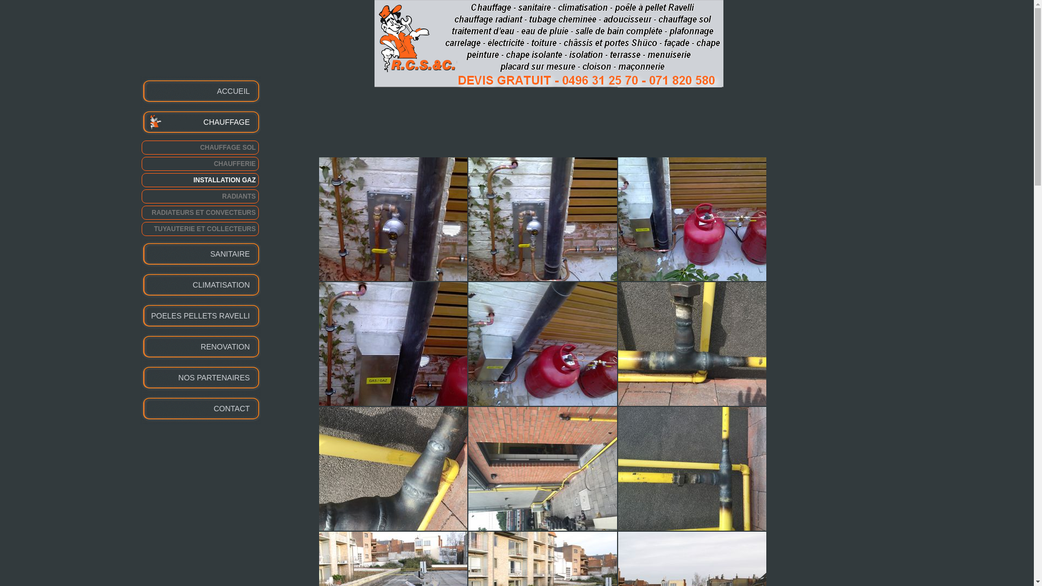 The width and height of the screenshot is (1042, 586). Describe the element at coordinates (200, 284) in the screenshot. I see `'CLIMATISATION'` at that location.